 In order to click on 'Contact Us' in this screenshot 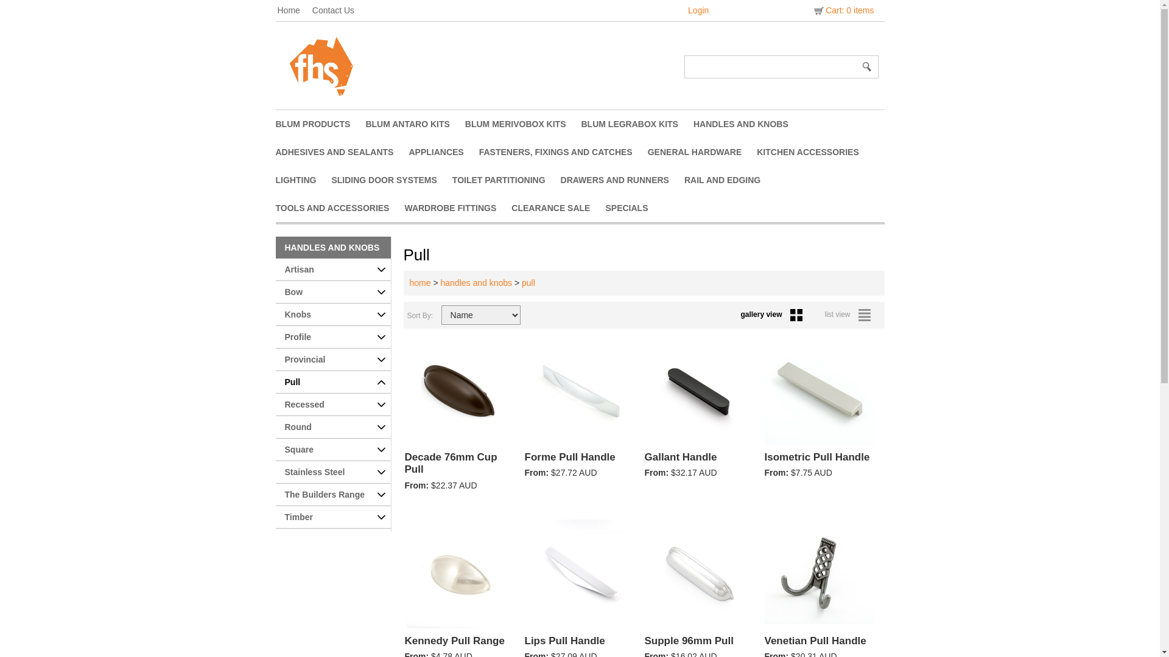, I will do `click(339, 10)`.